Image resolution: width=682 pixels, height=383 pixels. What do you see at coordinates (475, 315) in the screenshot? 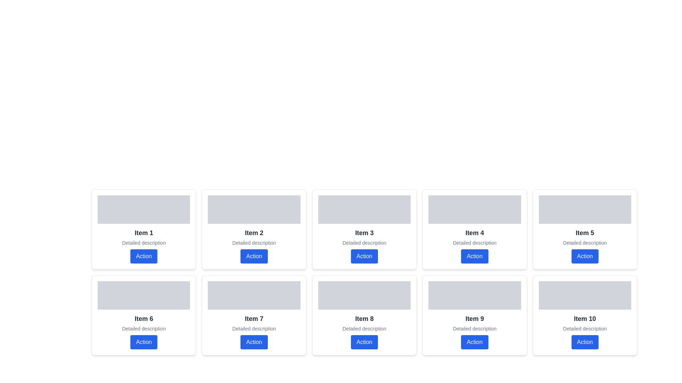
I see `title 'Item 9' and the description 'Detailed description' from the card component with a white background and blue action button located in the second row, fourth column of the grid` at bounding box center [475, 315].